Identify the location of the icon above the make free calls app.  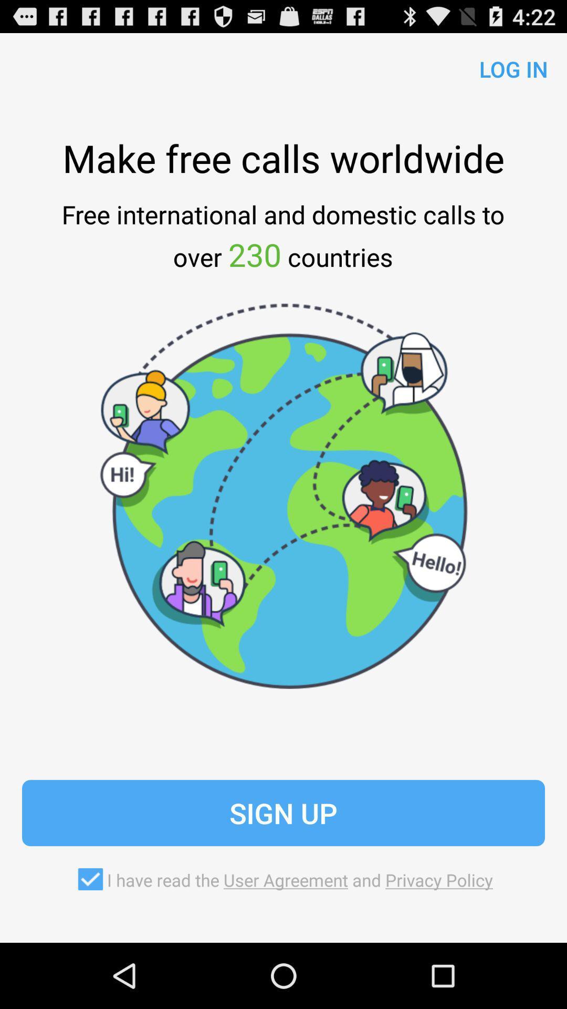
(509, 66).